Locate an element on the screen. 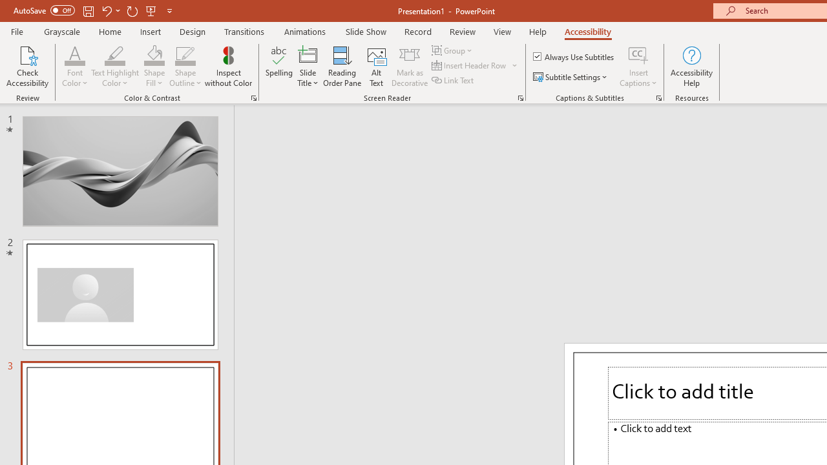  'Screen Reader' is located at coordinates (520, 97).